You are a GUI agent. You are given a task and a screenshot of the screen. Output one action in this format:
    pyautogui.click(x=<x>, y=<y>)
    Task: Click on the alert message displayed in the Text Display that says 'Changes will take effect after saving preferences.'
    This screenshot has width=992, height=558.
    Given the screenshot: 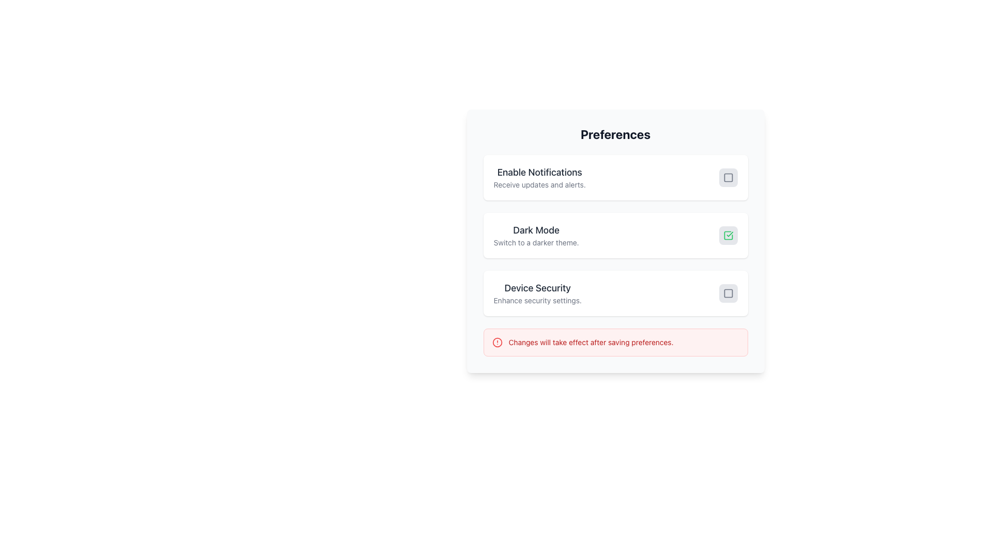 What is the action you would take?
    pyautogui.click(x=591, y=343)
    